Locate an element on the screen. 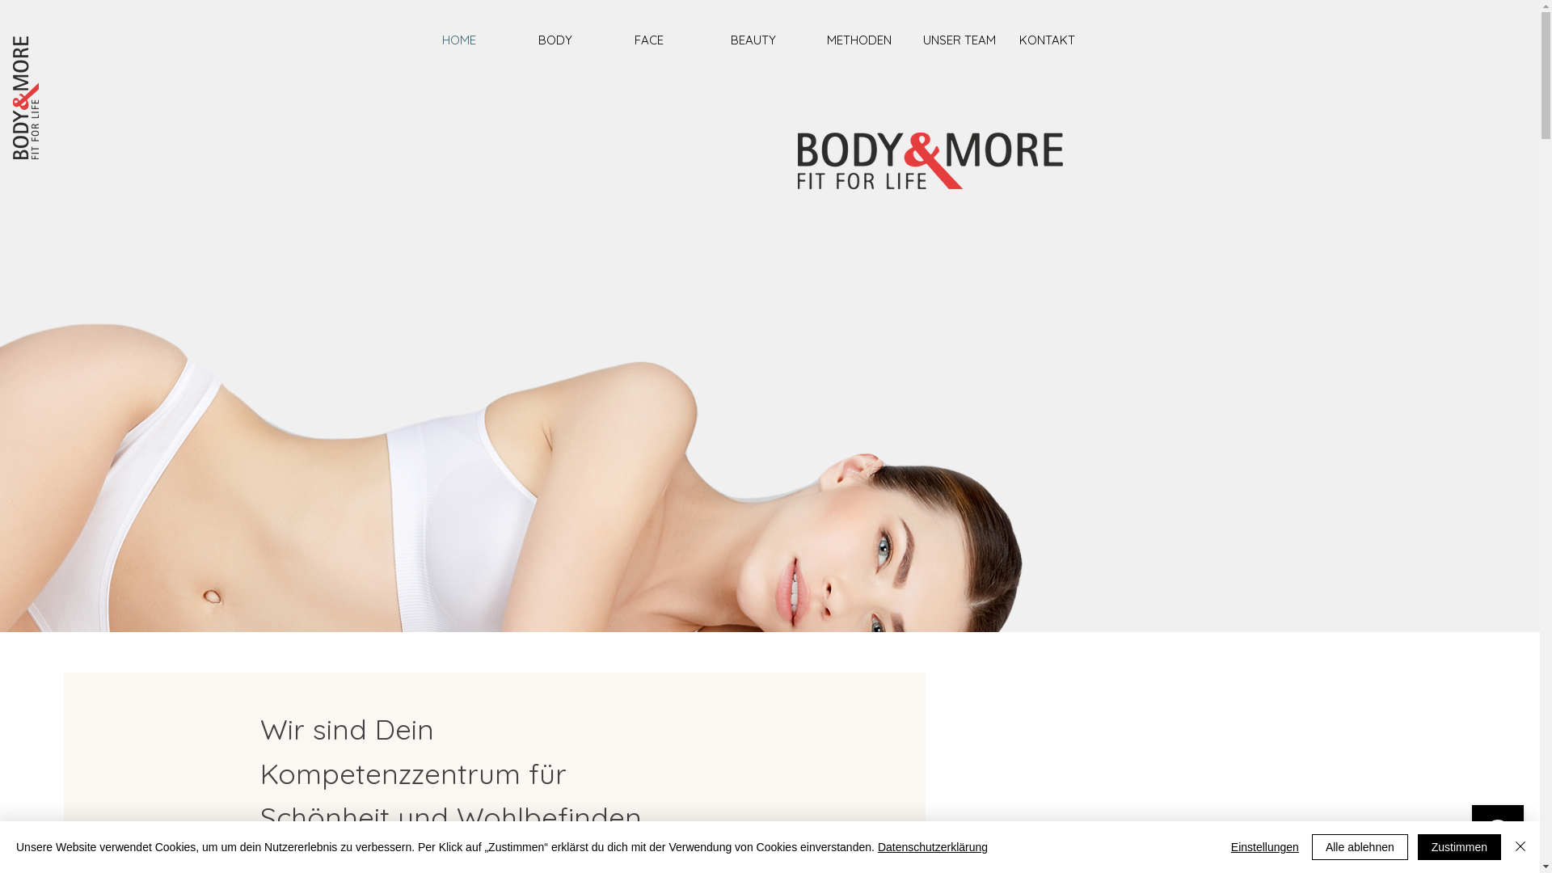  'KONTAKT' is located at coordinates (1058, 40).